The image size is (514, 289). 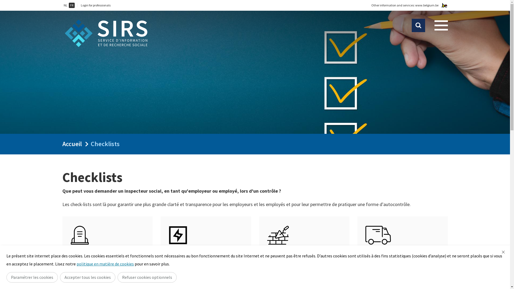 I want to click on 'Fermer', so click(x=503, y=252).